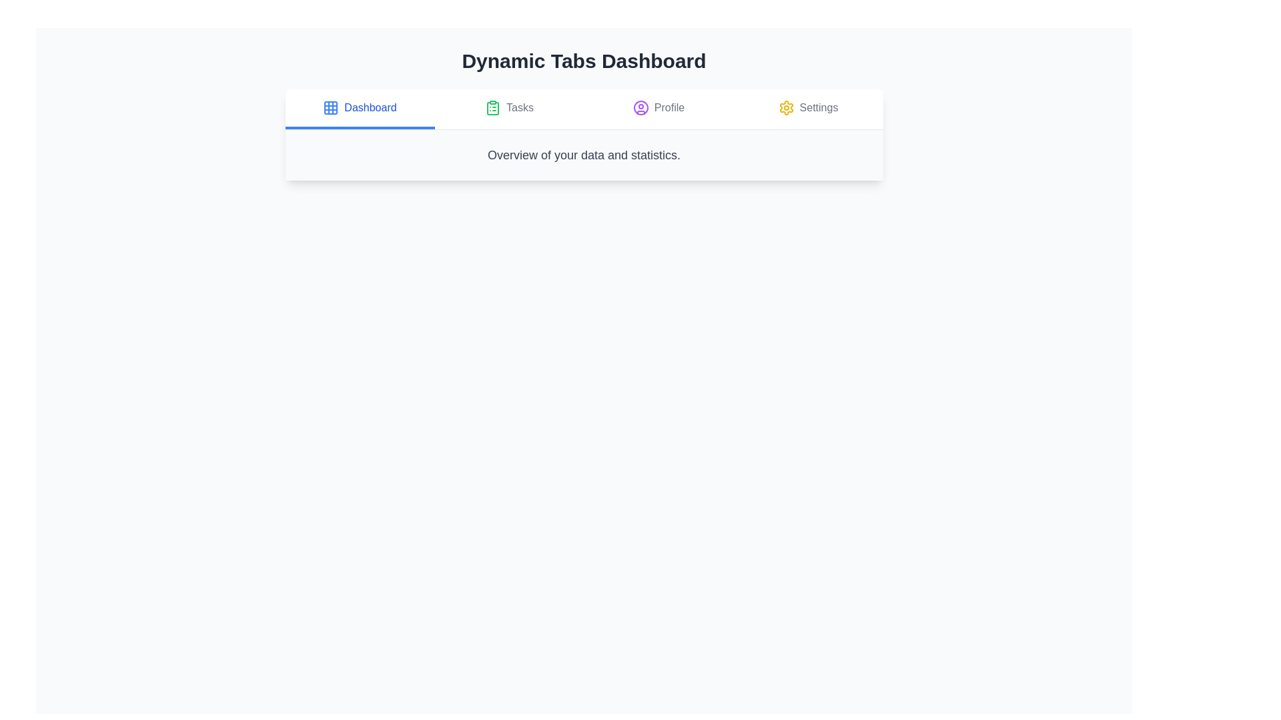 This screenshot has height=720, width=1281. I want to click on the dashboard tab, which is the first item in the horizontal tab menu located at the upper central area of the page, so click(370, 107).